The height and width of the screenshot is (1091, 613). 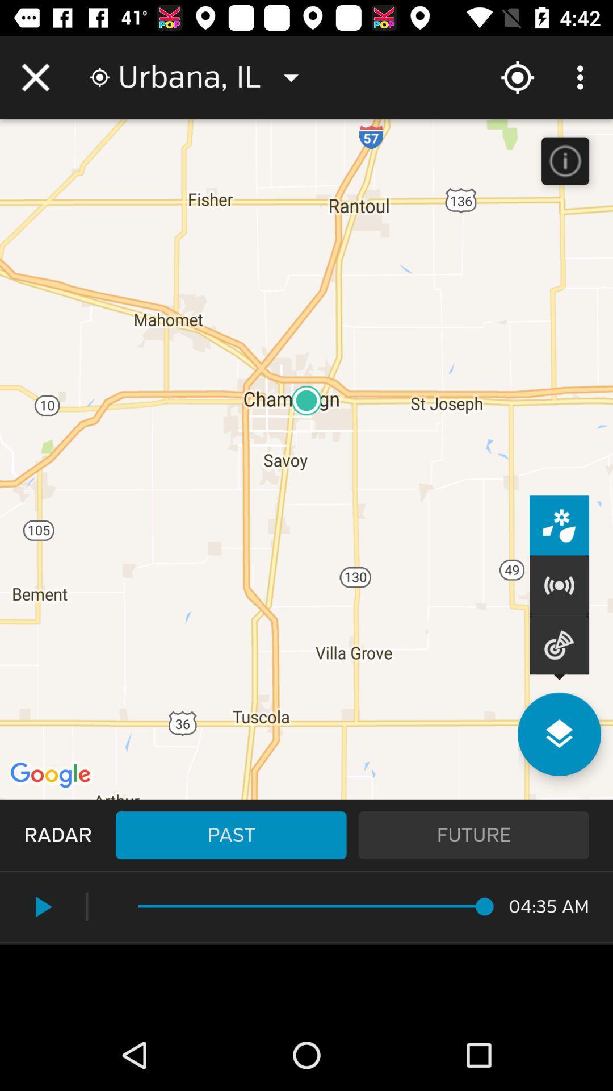 What do you see at coordinates (41, 906) in the screenshot?
I see `the icon next to the |` at bounding box center [41, 906].